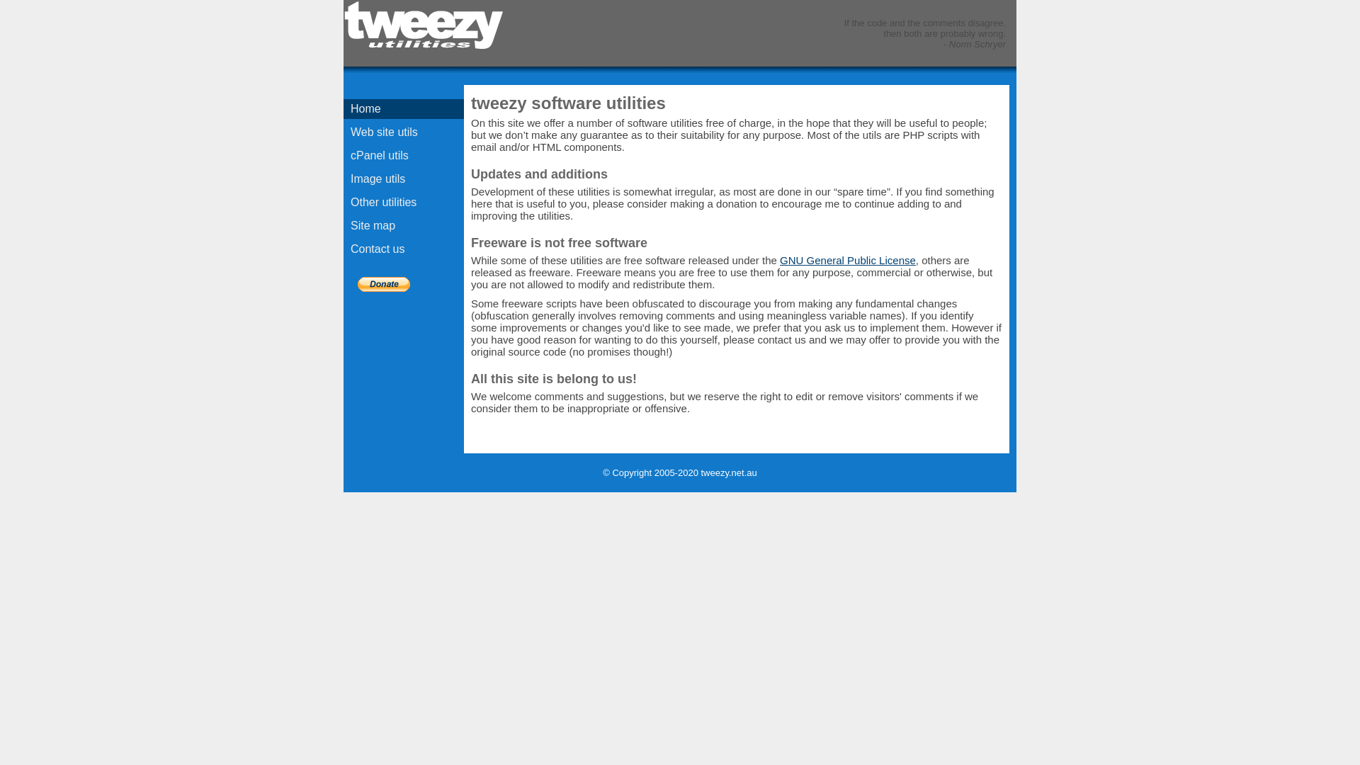  What do you see at coordinates (403, 178) in the screenshot?
I see `'Image utils'` at bounding box center [403, 178].